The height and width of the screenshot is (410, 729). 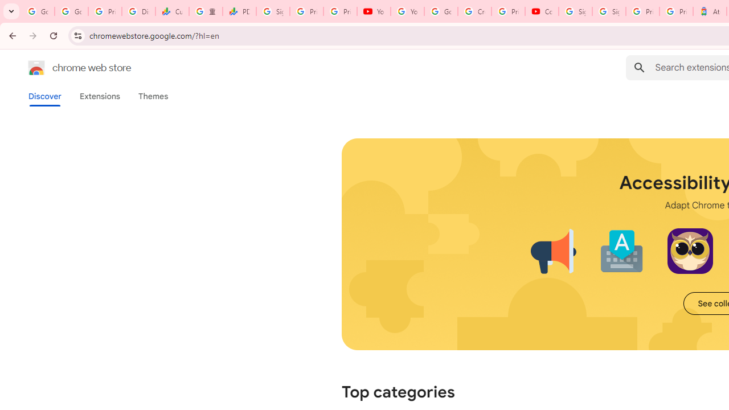 What do you see at coordinates (45, 96) in the screenshot?
I see `'Discover'` at bounding box center [45, 96].